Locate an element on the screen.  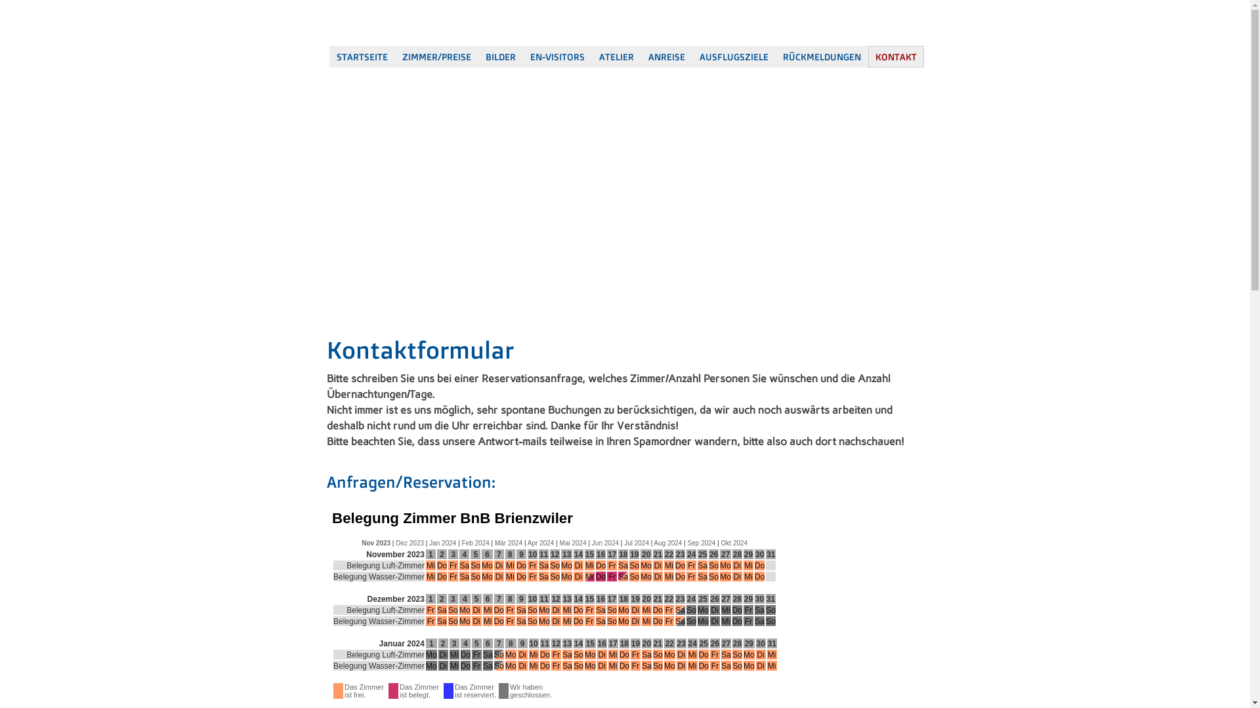
'ATELIER' is located at coordinates (616, 56).